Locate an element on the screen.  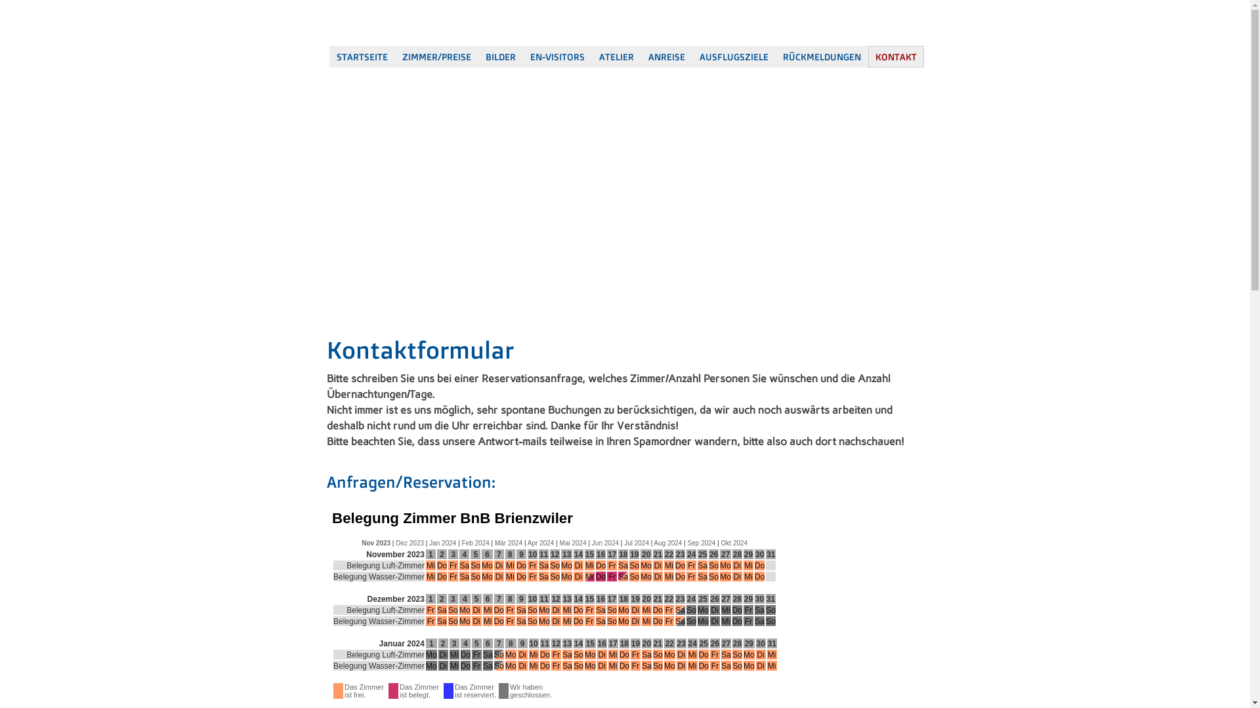
'ATELIER' is located at coordinates (616, 56).